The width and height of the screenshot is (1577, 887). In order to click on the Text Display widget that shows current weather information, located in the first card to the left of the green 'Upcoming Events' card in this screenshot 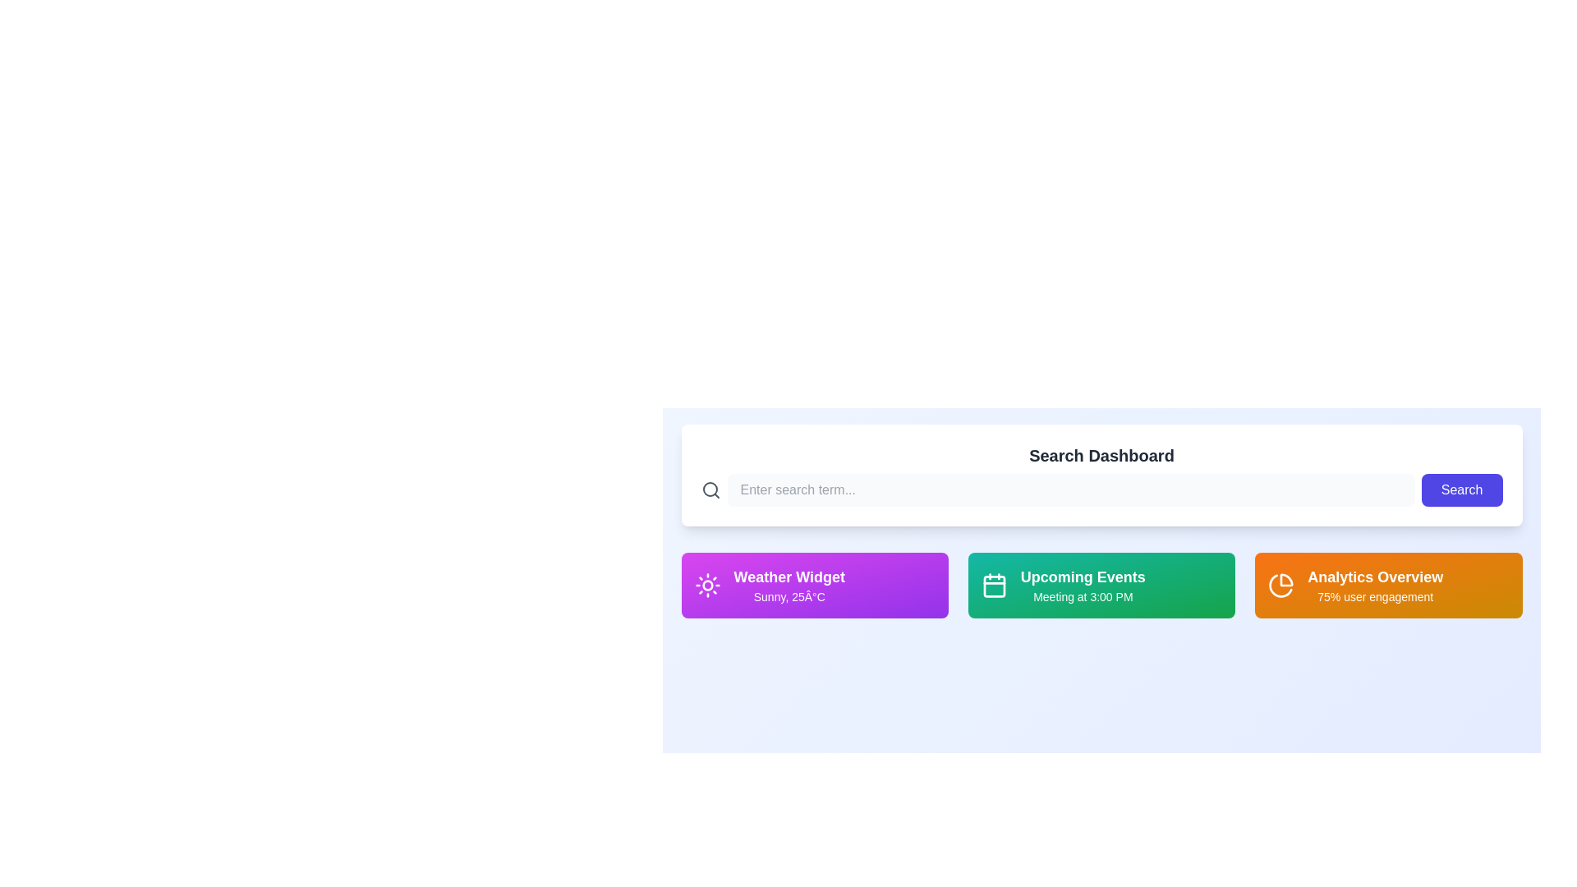, I will do `click(789, 585)`.